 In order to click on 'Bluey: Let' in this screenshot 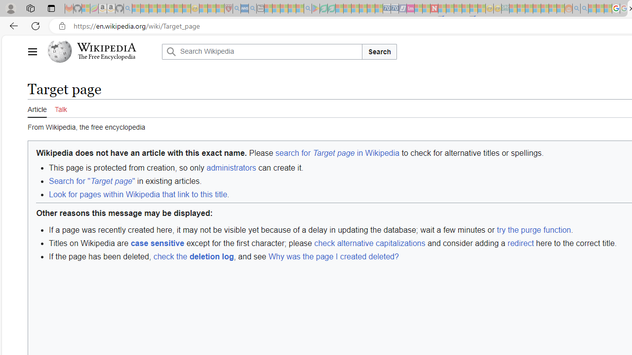, I will do `click(315, 8)`.